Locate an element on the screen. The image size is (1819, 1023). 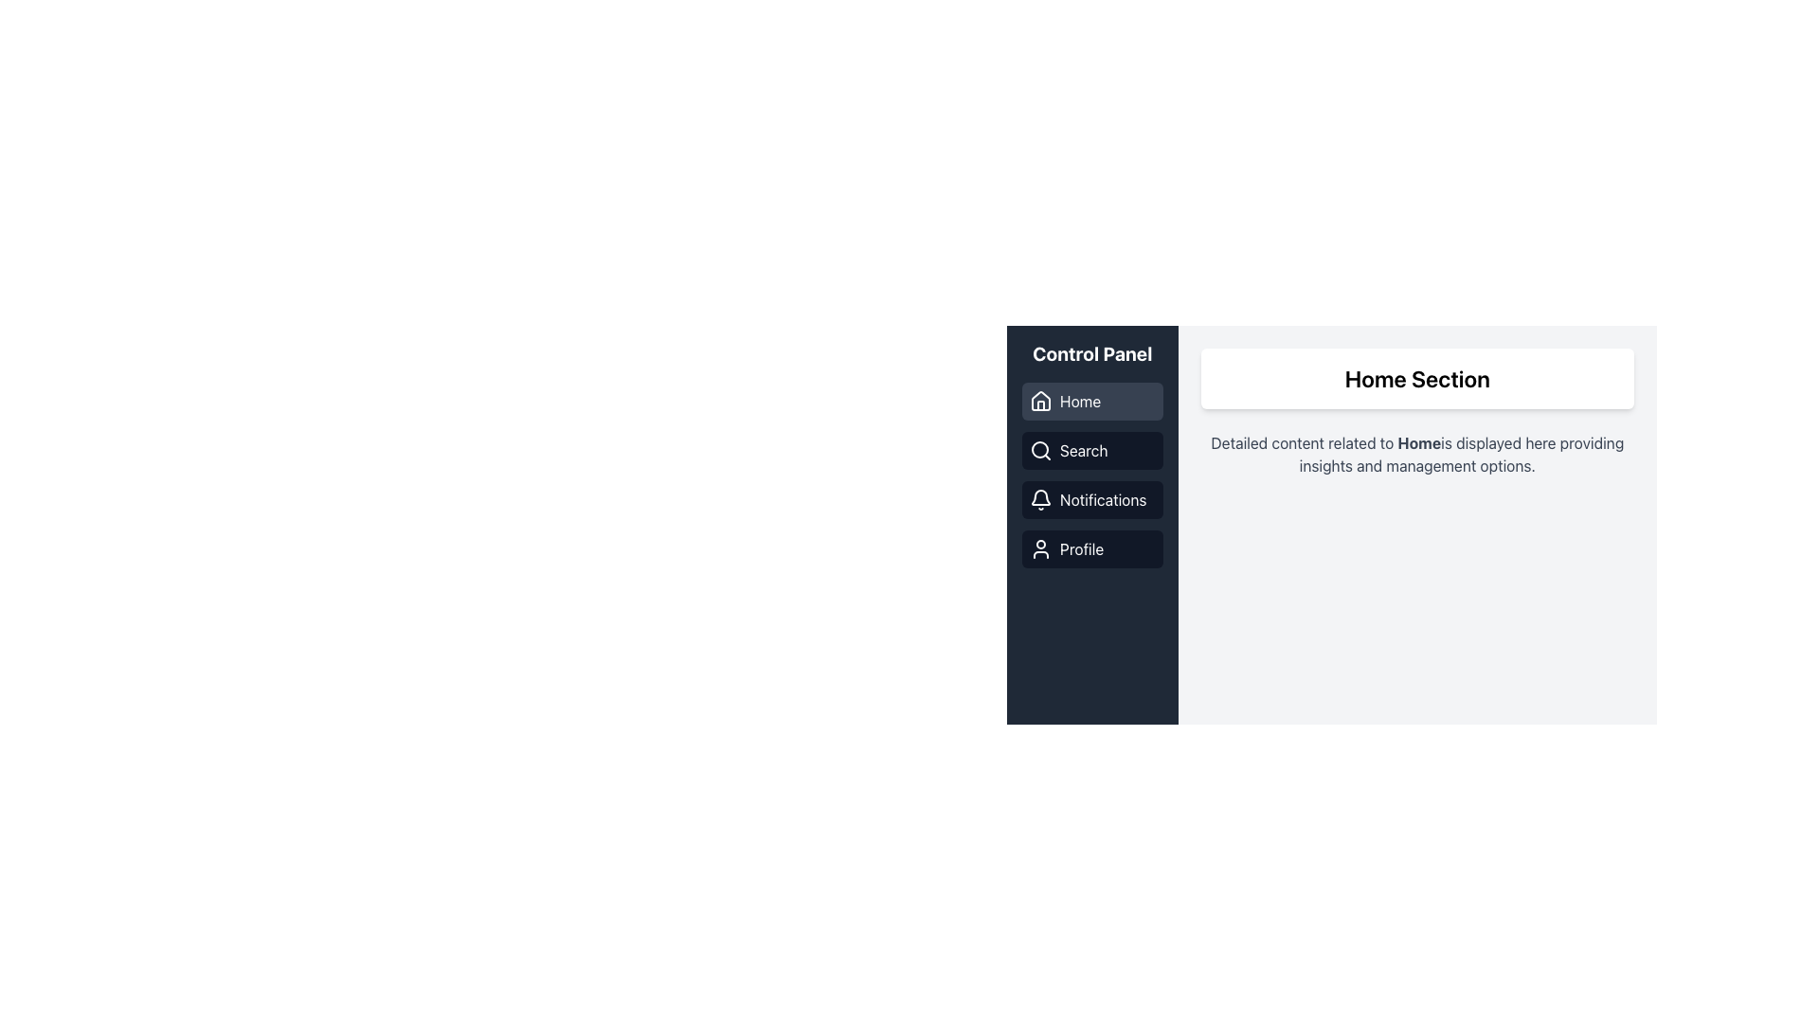
the circular lens of the magnifying glass icon representing the search functionality, located inside the second button in the sidebar menu is located at coordinates (1039, 449).